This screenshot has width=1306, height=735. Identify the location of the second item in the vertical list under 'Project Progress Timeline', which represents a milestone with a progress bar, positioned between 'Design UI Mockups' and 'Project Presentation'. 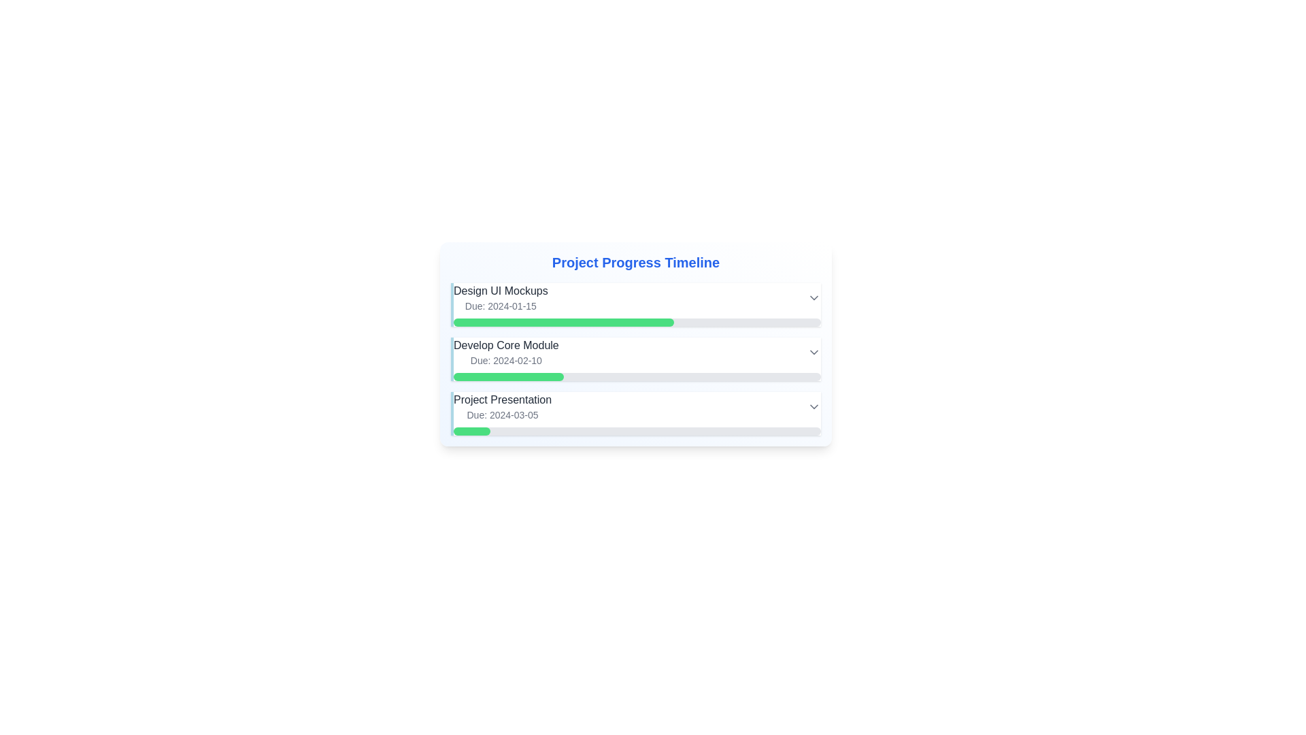
(635, 359).